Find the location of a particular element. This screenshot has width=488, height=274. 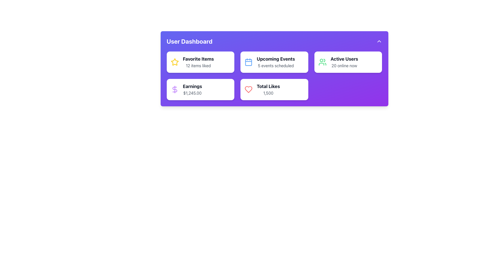

the Text Display Component showing 'Total Likes' and '1,500', located to the right of the red heart icon is located at coordinates (268, 89).